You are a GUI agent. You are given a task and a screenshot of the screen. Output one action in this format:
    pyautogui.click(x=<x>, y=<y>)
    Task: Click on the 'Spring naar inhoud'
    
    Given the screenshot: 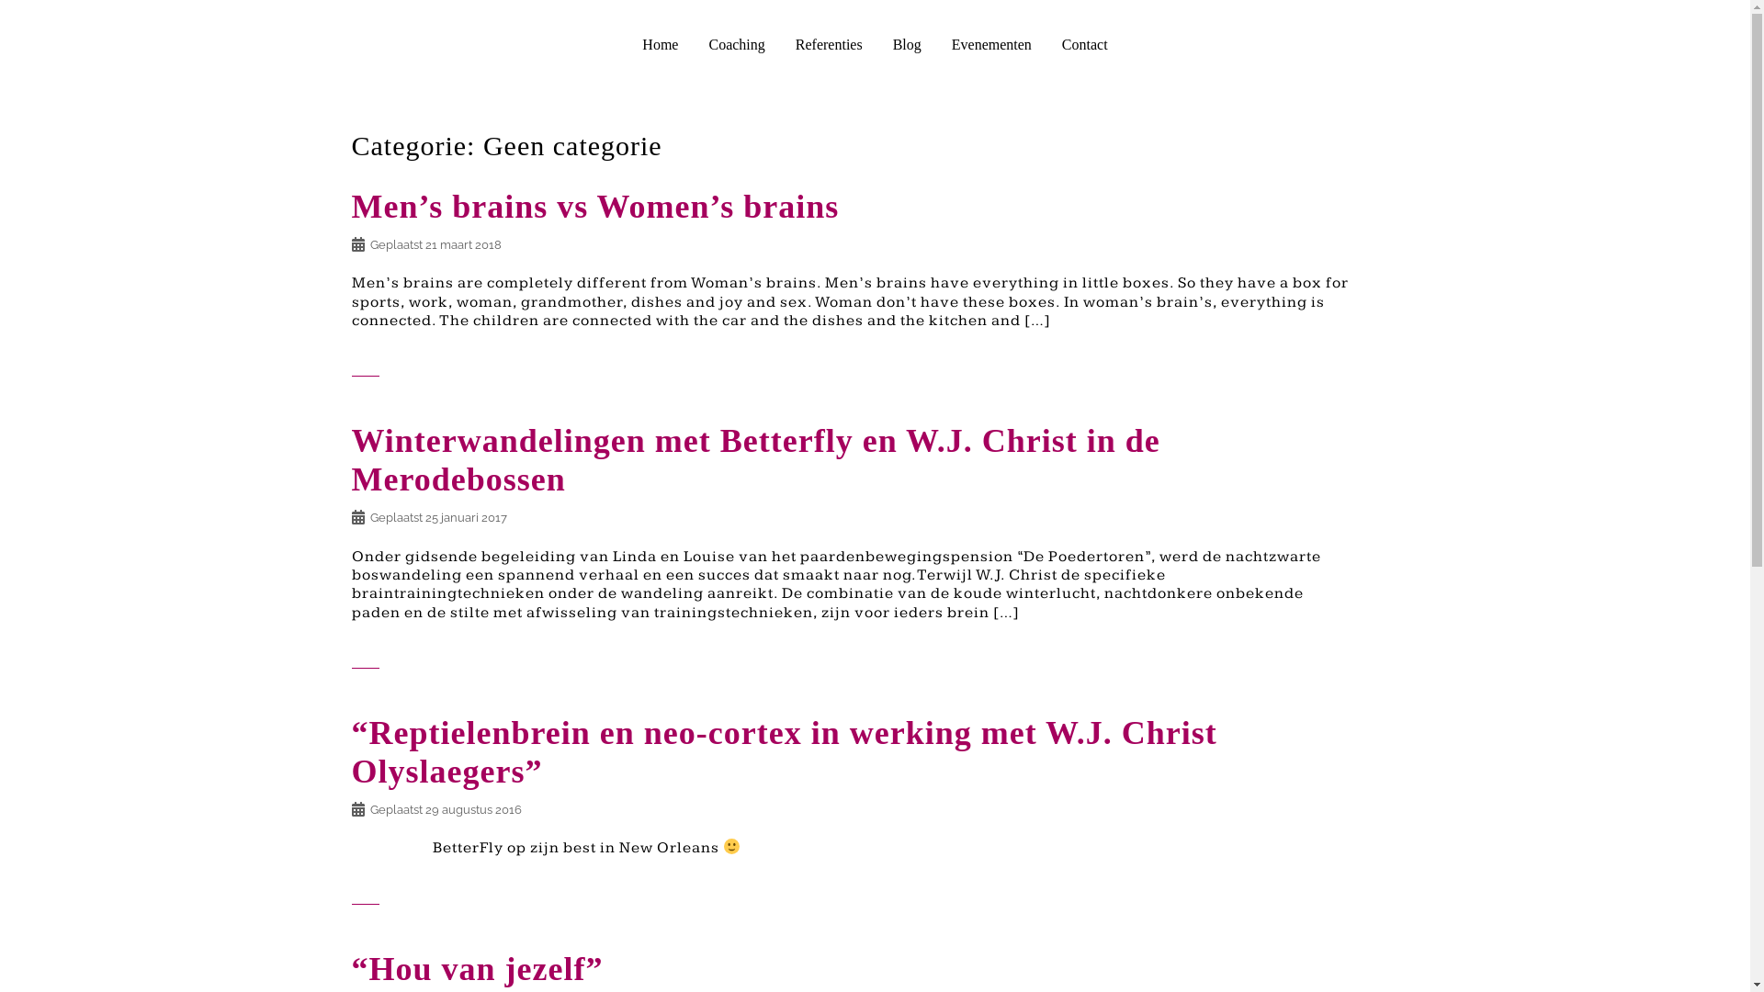 What is the action you would take?
    pyautogui.click(x=0, y=0)
    